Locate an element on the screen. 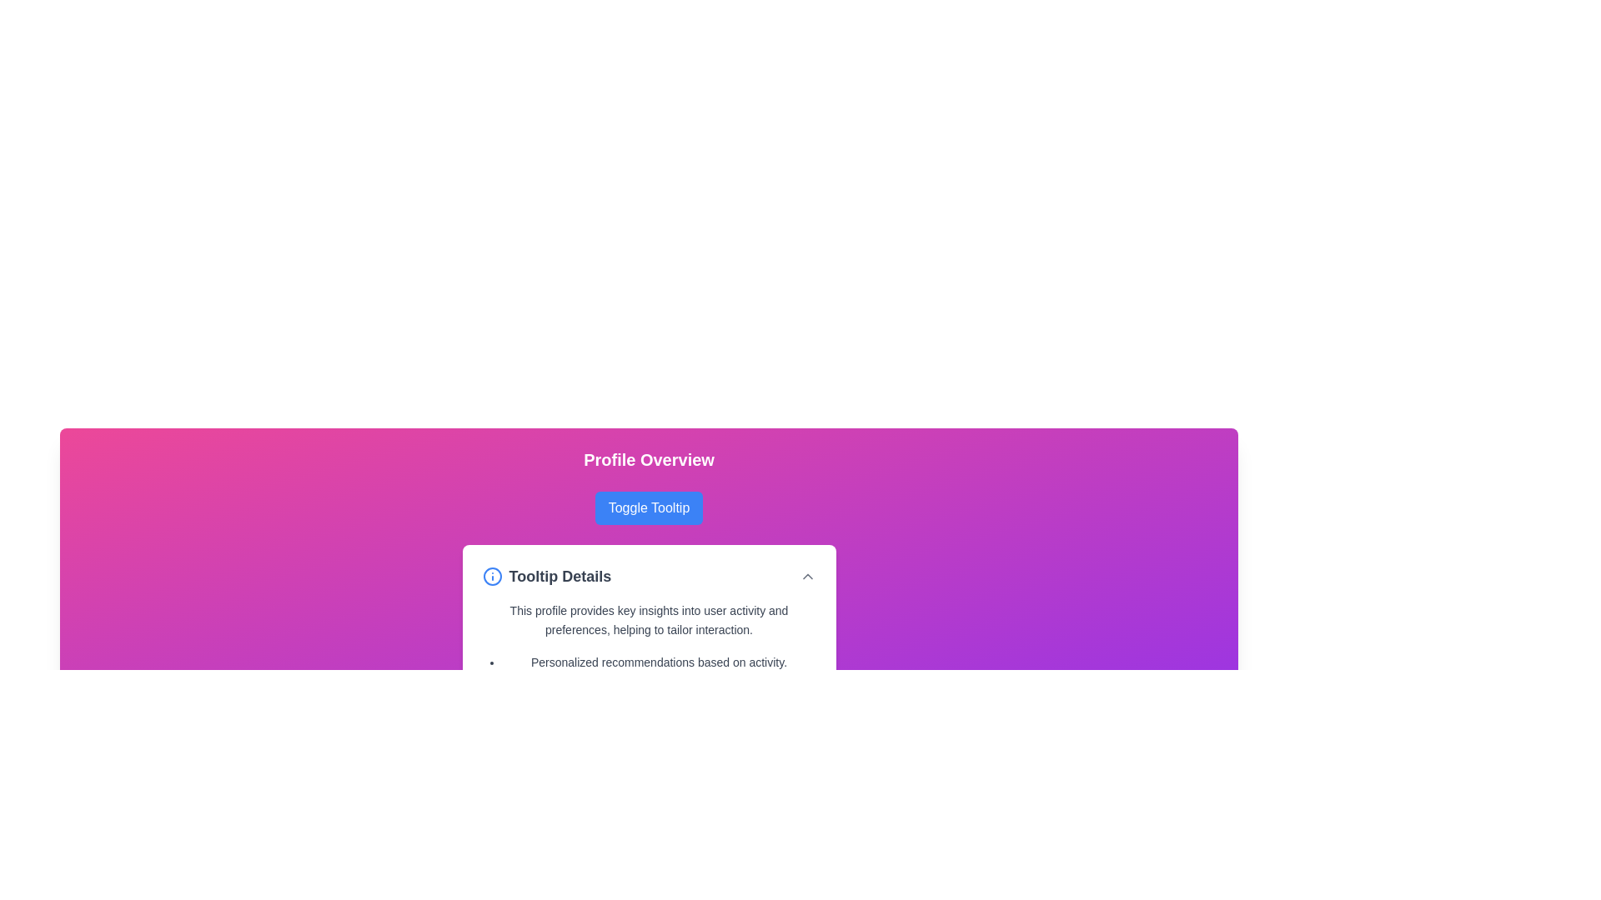 Image resolution: width=1601 pixels, height=900 pixels. the toggle button located to the far right of the 'Tooltip Details' section is located at coordinates (807, 575).